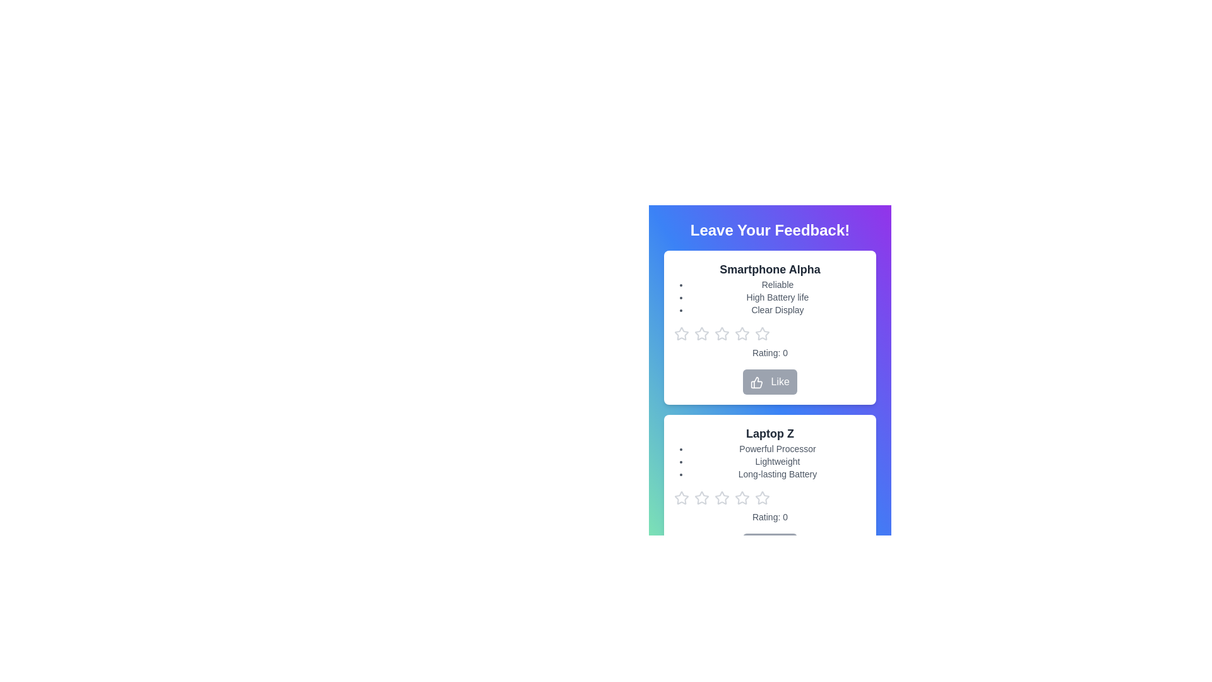 The height and width of the screenshot is (682, 1212). What do you see at coordinates (777, 474) in the screenshot?
I see `the third item in the unordered list that describes a feature of 'Laptop Z', which follows 'Powerful Processor' and 'Lightweight'` at bounding box center [777, 474].